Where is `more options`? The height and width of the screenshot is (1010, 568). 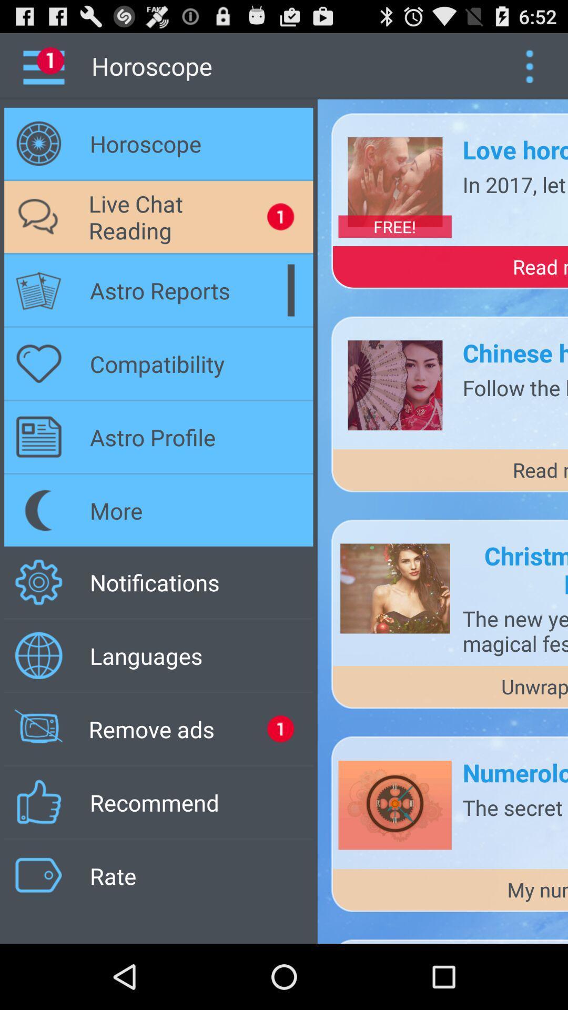
more options is located at coordinates (529, 65).